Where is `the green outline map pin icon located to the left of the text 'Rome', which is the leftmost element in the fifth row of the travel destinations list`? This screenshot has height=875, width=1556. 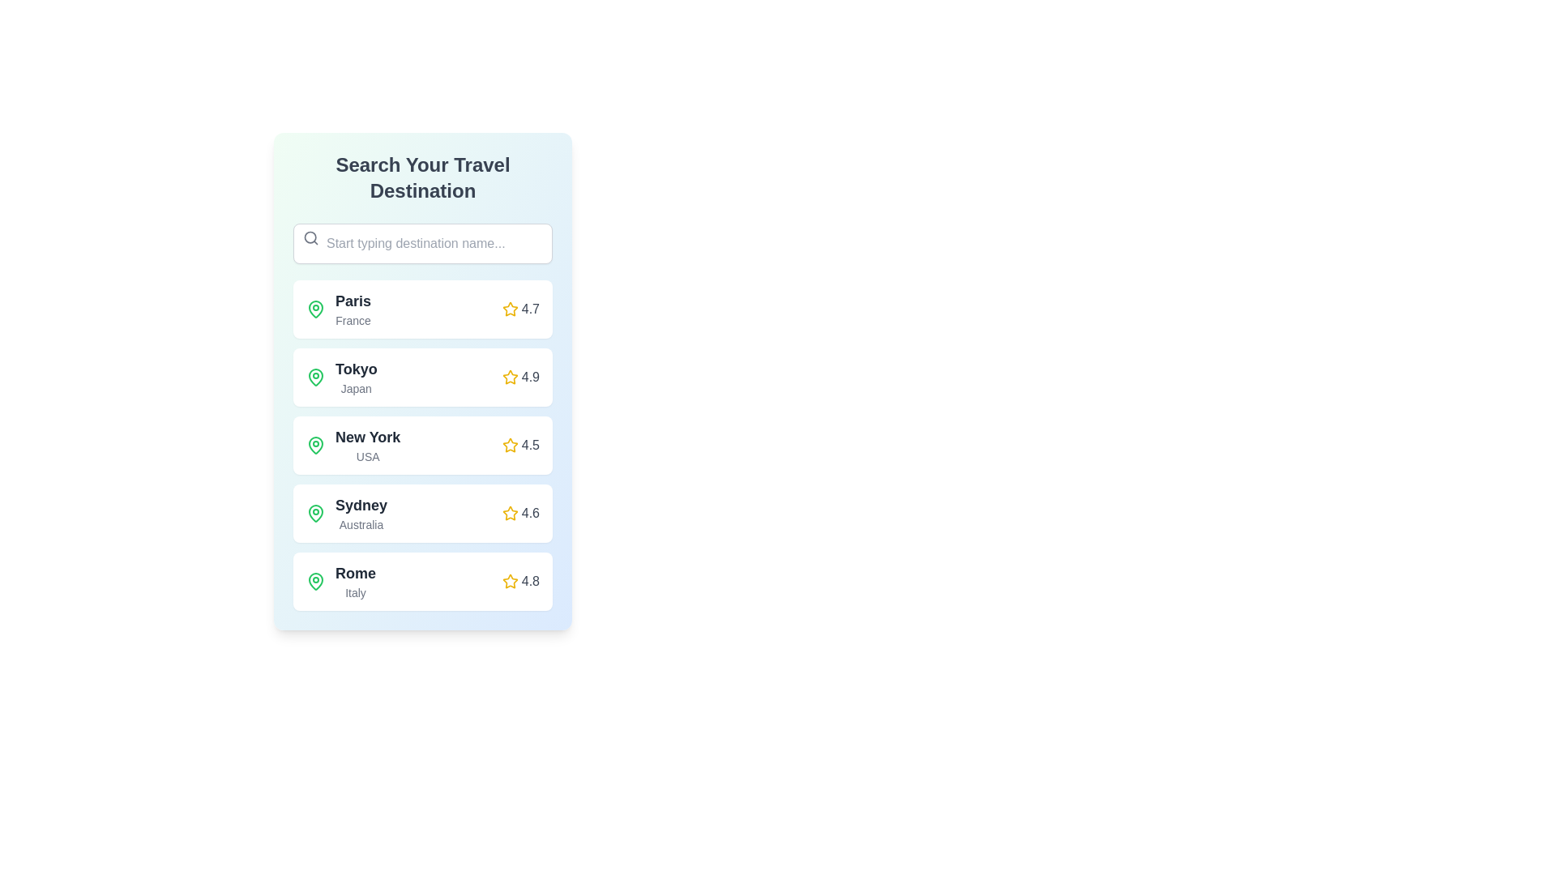 the green outline map pin icon located to the left of the text 'Rome', which is the leftmost element in the fifth row of the travel destinations list is located at coordinates (315, 580).